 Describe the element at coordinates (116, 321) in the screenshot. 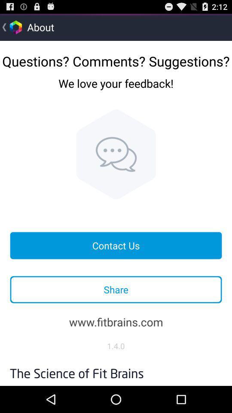

I see `the www.fitbrains.com item` at that location.